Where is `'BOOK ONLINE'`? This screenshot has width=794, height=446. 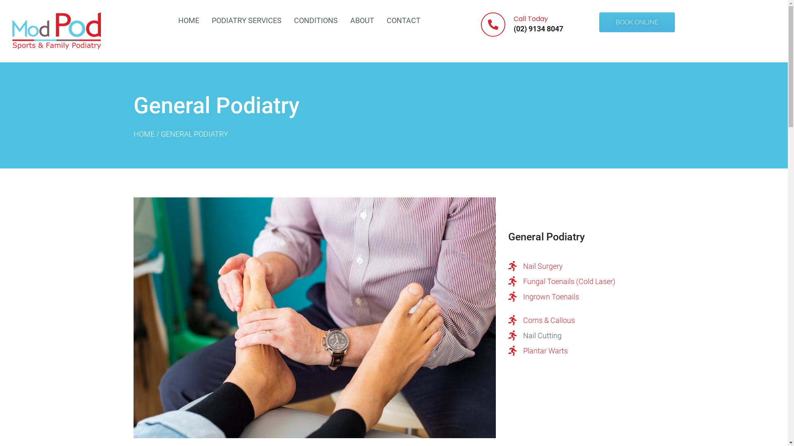
'BOOK ONLINE' is located at coordinates (636, 22).